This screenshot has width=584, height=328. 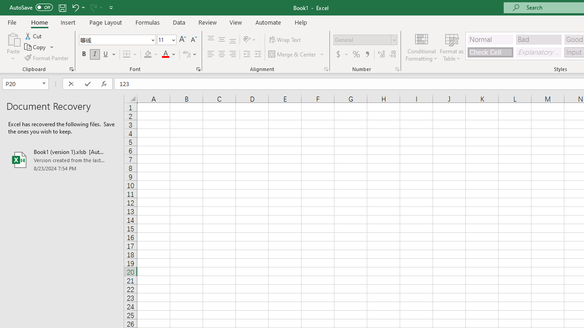 What do you see at coordinates (233, 39) in the screenshot?
I see `'Bottom Align'` at bounding box center [233, 39].